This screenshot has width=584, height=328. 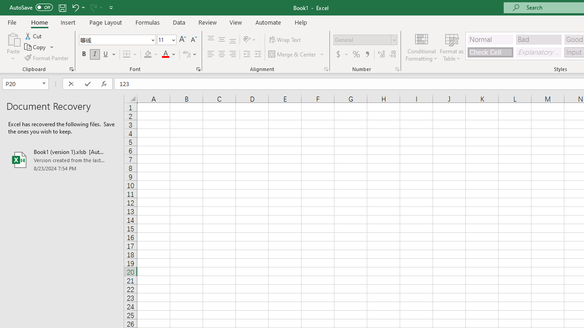 What do you see at coordinates (233, 39) in the screenshot?
I see `'Bottom Align'` at bounding box center [233, 39].